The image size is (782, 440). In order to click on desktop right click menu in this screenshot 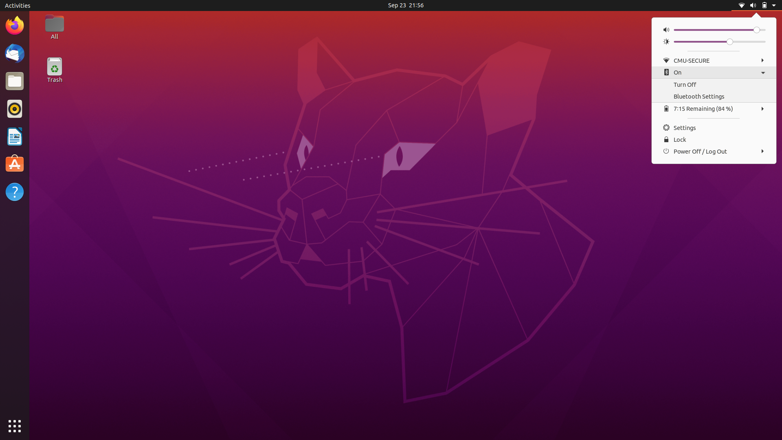, I will do `click(1375538, 326700)`.